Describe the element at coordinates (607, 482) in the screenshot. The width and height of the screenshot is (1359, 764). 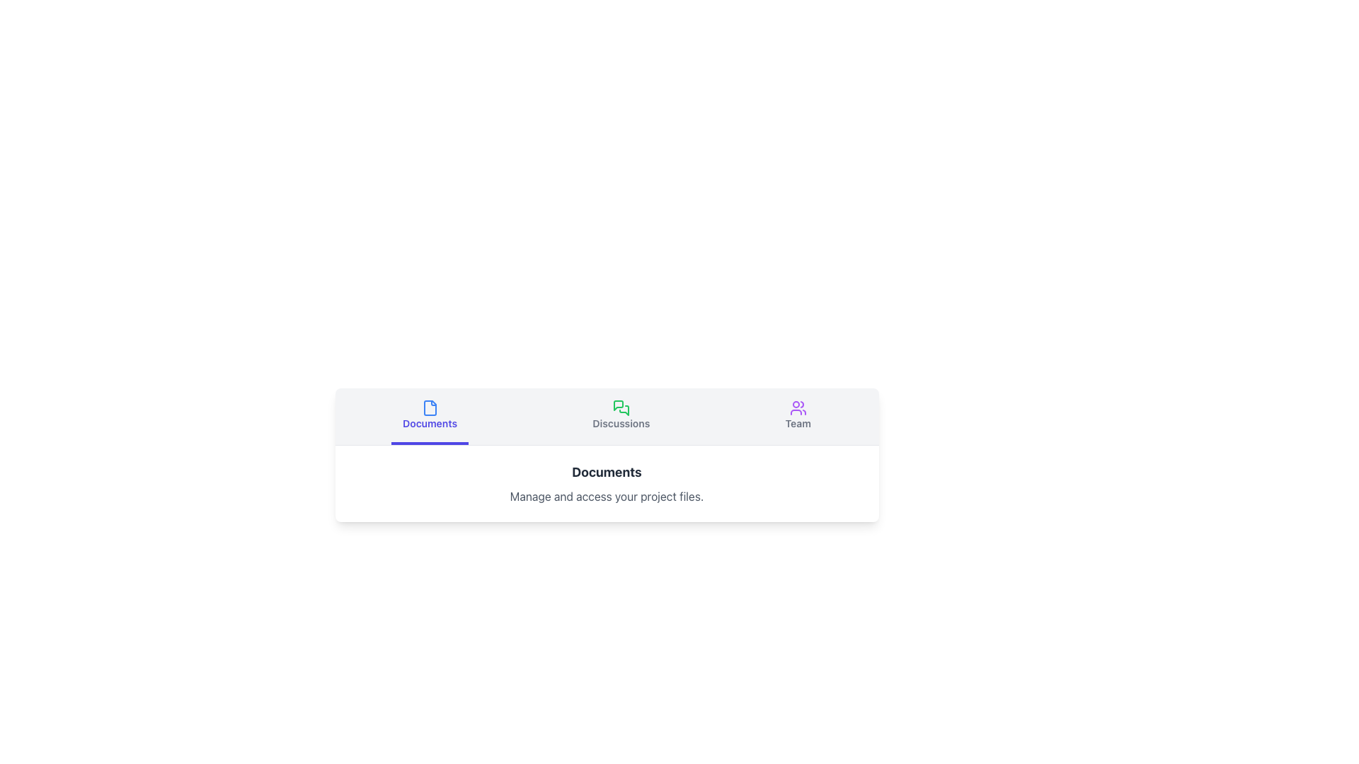
I see `text from the informational block titled 'Documents', which provides details about managing and accessing project files` at that location.